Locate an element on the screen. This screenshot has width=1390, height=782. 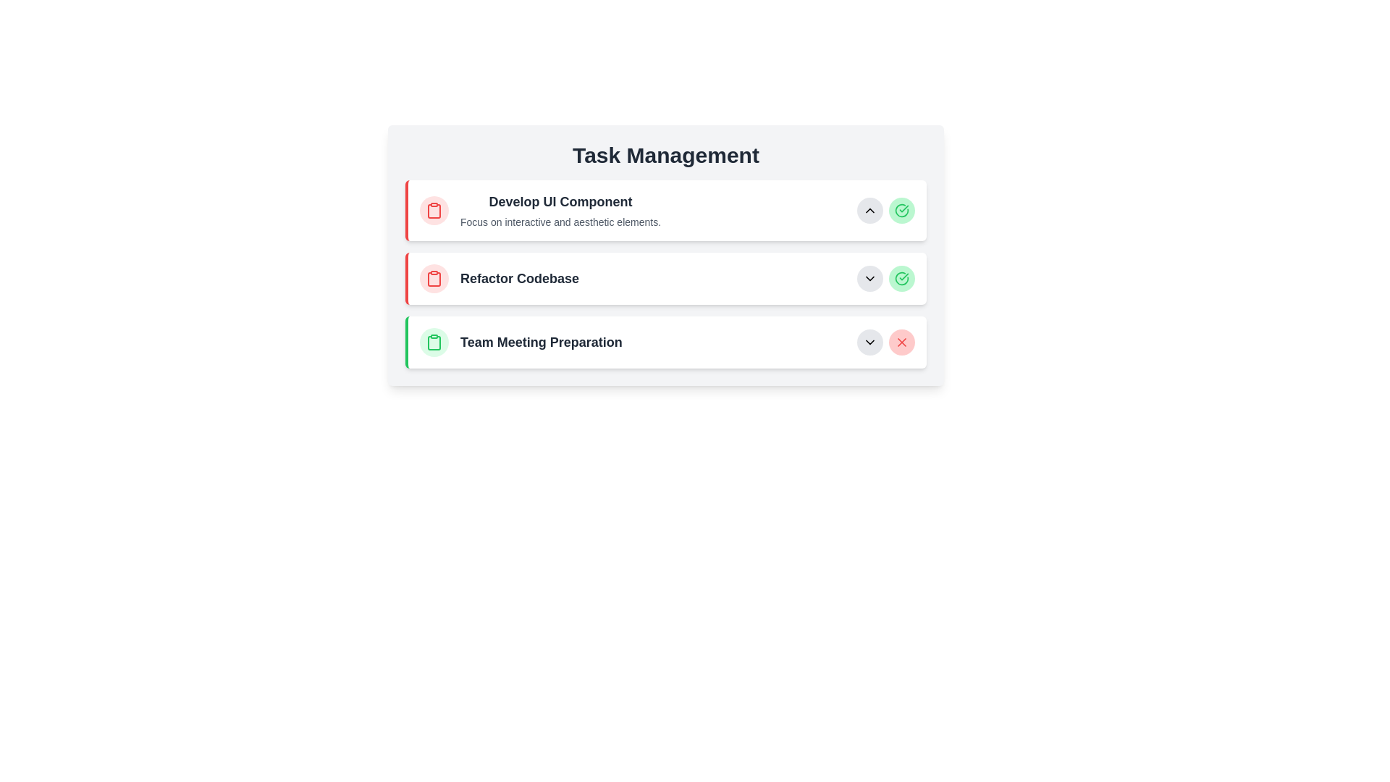
the Confirmation icon indicating completion of the 'Refactor Codebase' task, located in the vertical list of task items is located at coordinates (901, 279).